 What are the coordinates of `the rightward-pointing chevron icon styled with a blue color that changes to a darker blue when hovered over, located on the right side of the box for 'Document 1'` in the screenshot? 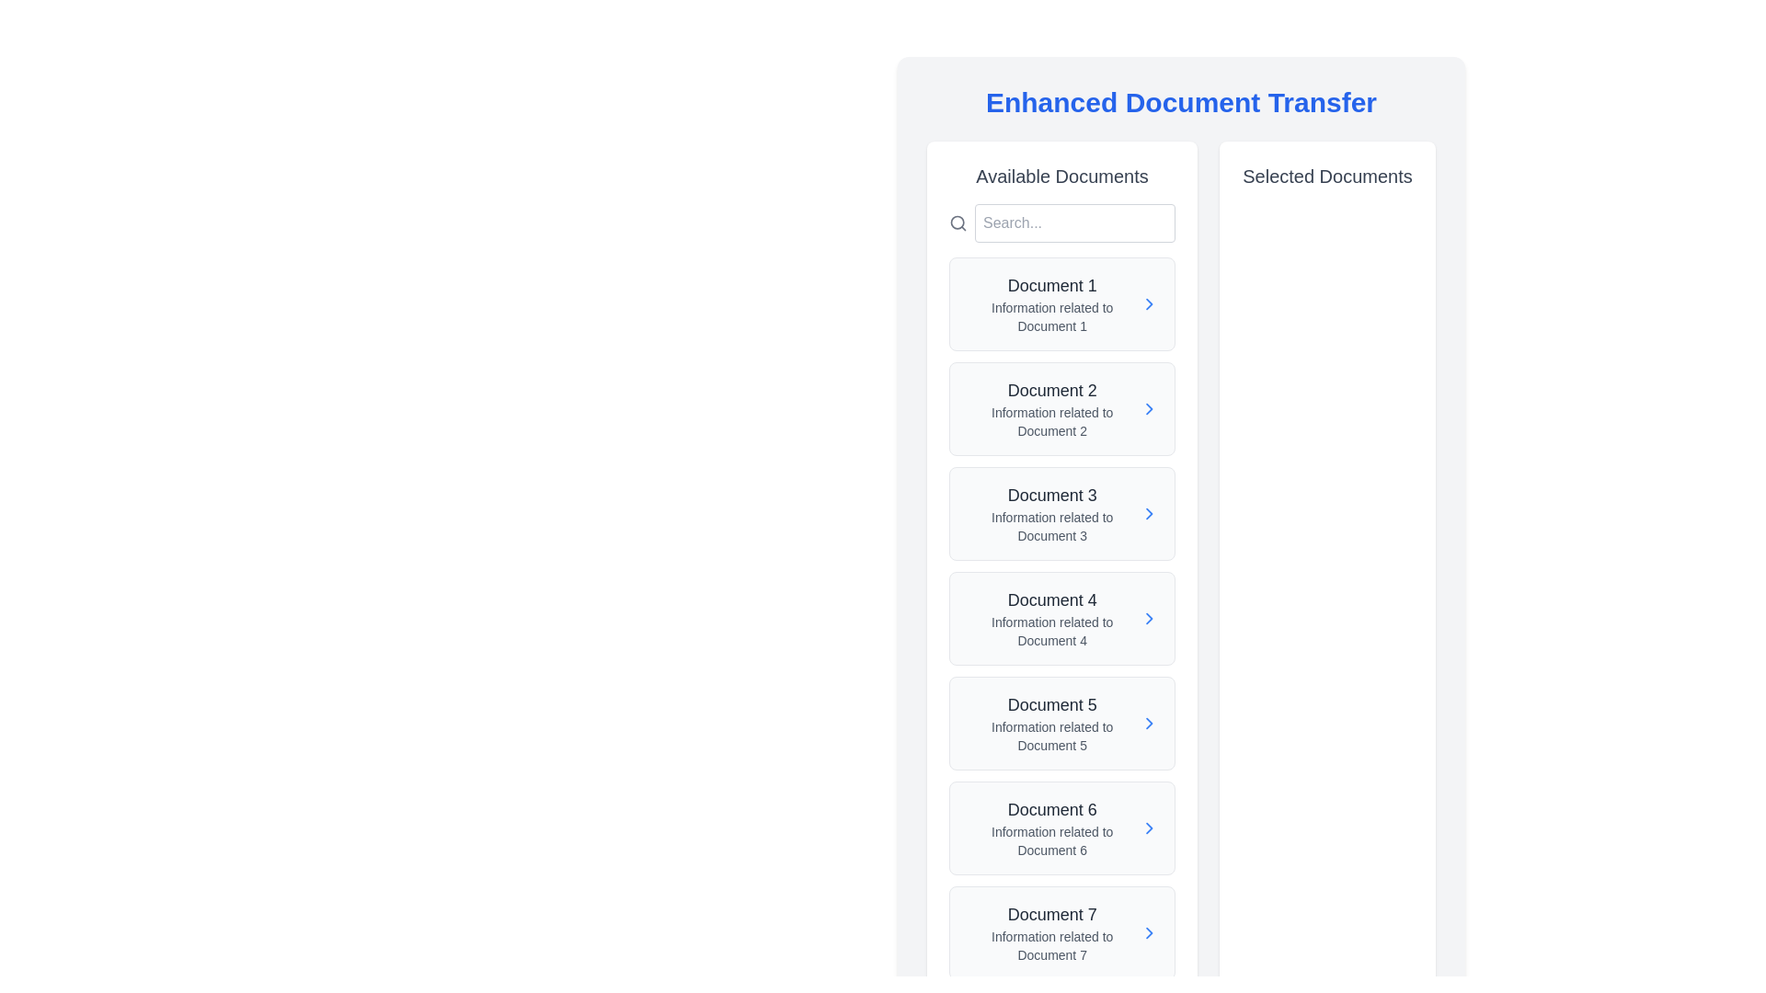 It's located at (1149, 303).